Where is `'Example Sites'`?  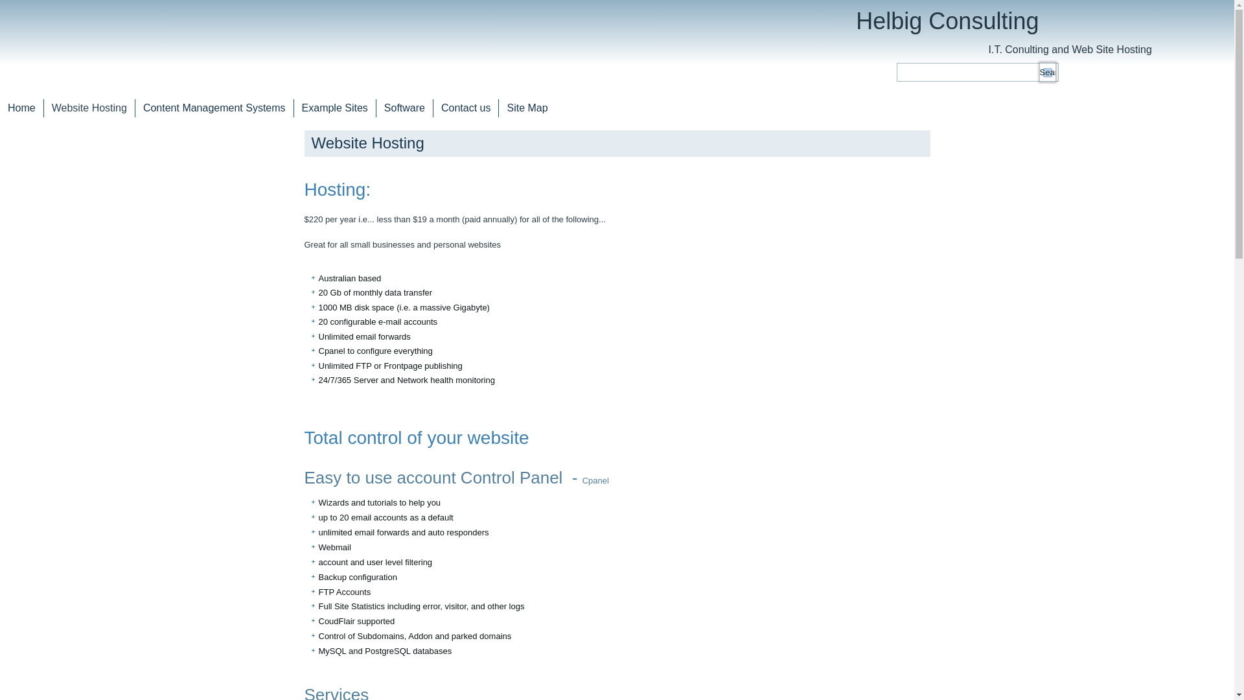 'Example Sites' is located at coordinates (335, 107).